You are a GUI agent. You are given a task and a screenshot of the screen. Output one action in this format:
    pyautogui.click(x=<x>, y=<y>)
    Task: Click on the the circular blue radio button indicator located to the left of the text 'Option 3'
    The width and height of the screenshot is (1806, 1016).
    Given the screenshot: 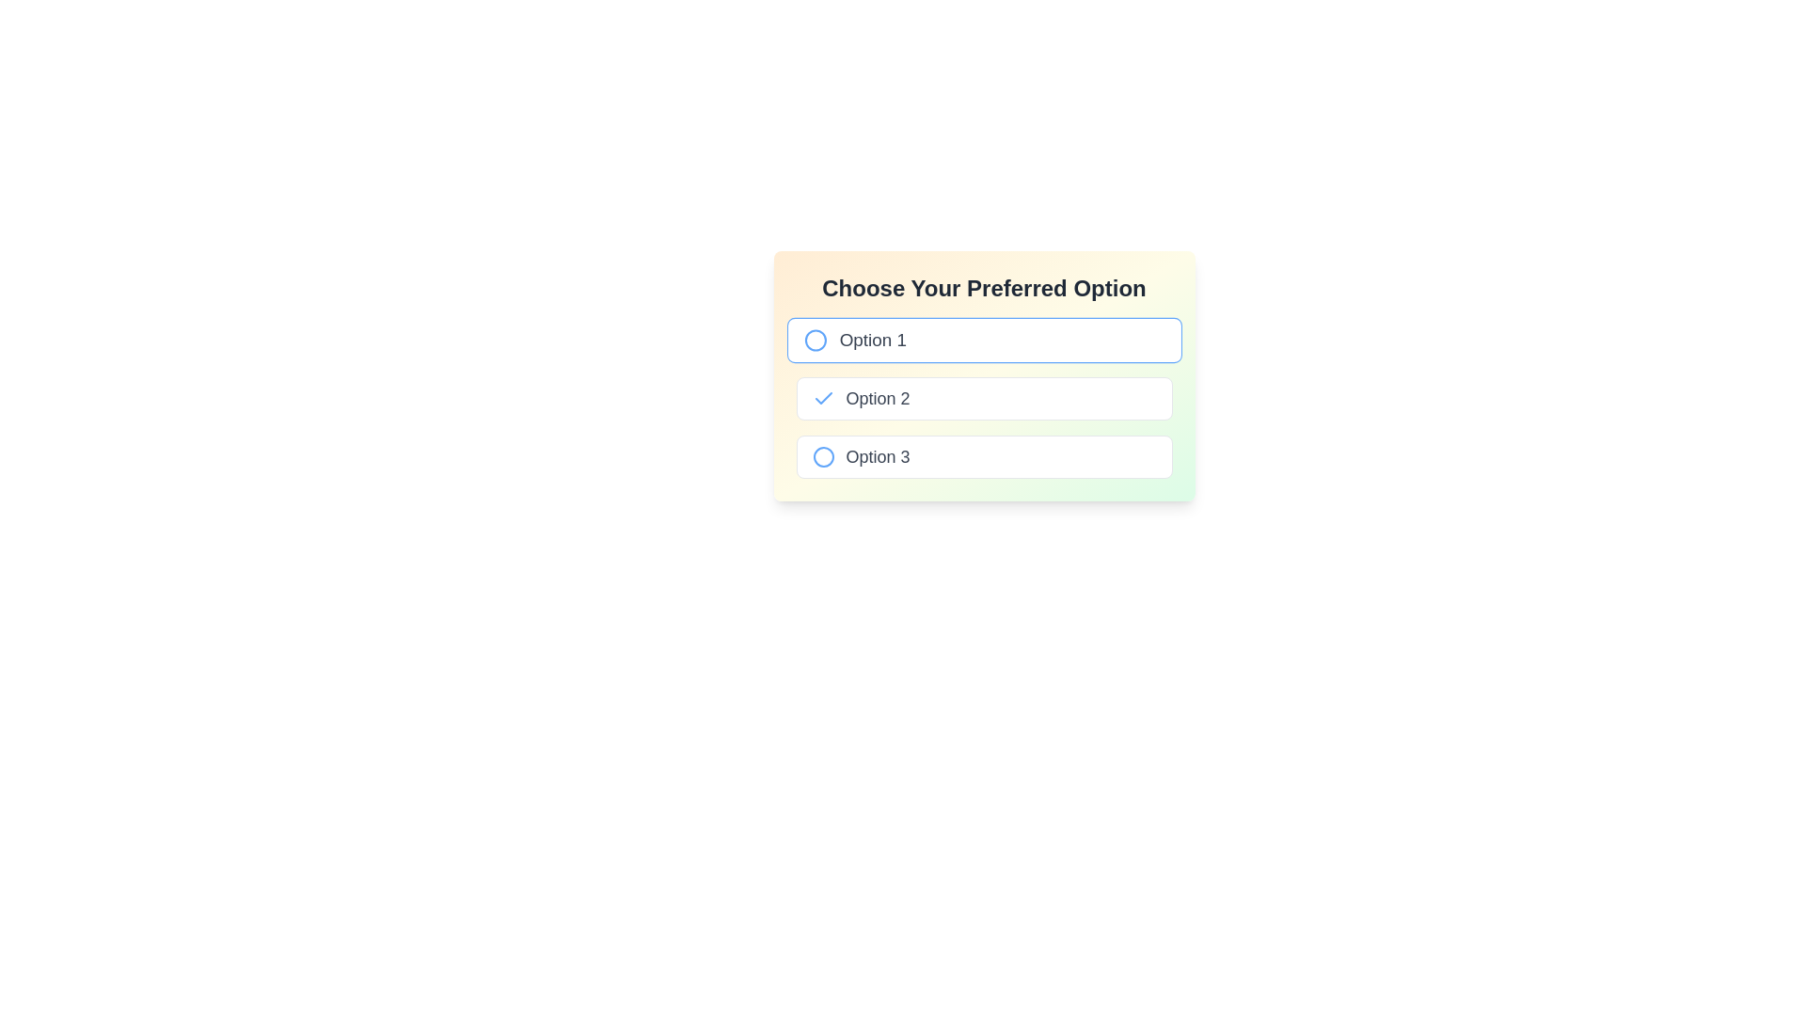 What is the action you would take?
    pyautogui.click(x=823, y=457)
    